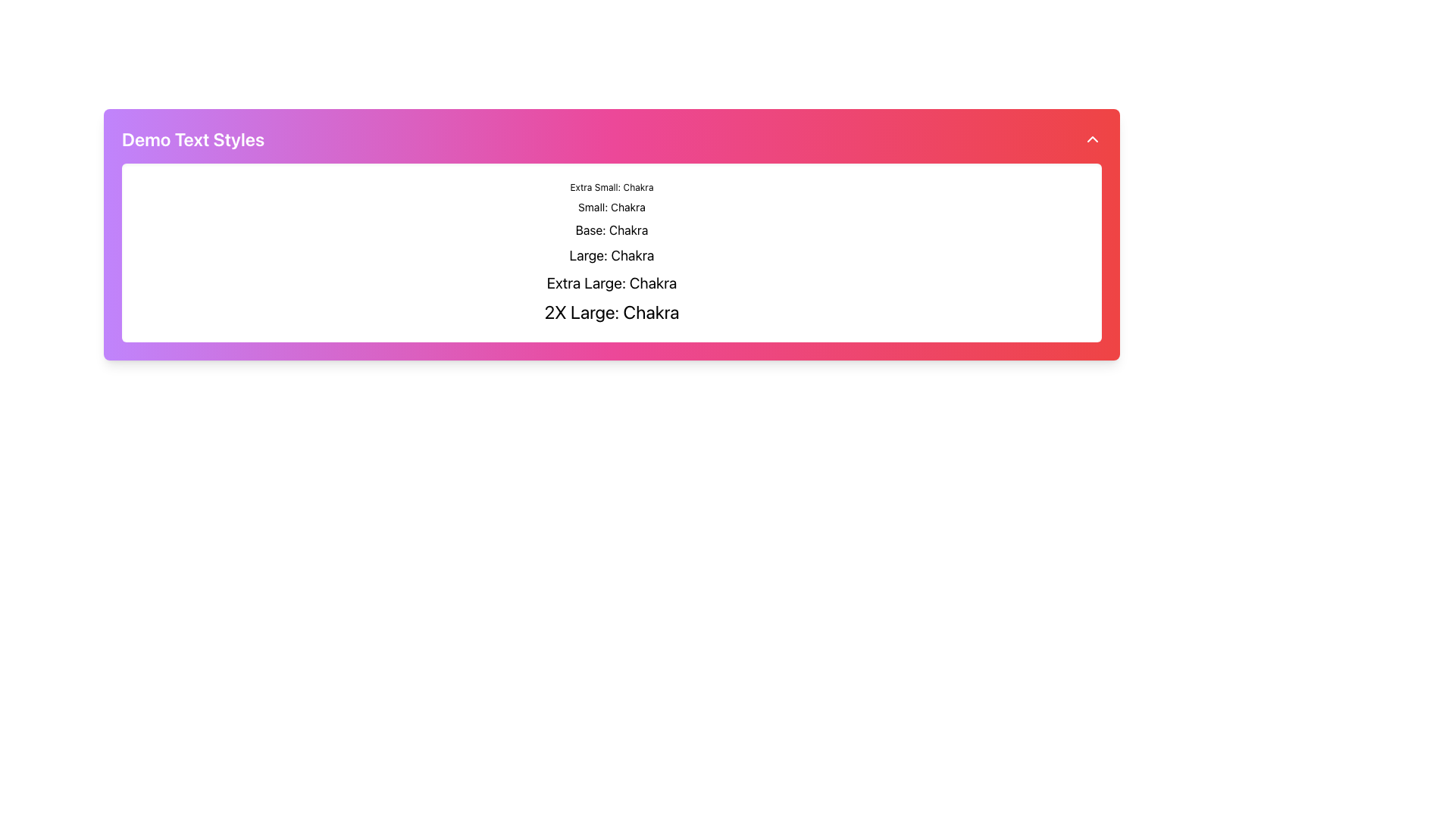 The width and height of the screenshot is (1455, 818). I want to click on the static text label displaying 'Small: Chakra' which is the second item in a vertical list of text descriptions used for previewing text size or style, so click(612, 207).